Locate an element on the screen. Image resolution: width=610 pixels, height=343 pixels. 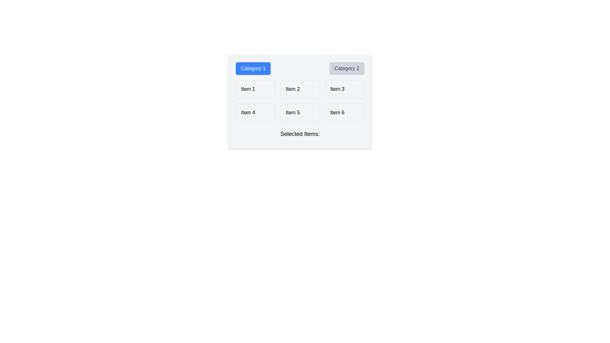
the static text within the button that indicates 'Item 3', which is centered in the right column under the 'Category 2' header is located at coordinates (337, 89).